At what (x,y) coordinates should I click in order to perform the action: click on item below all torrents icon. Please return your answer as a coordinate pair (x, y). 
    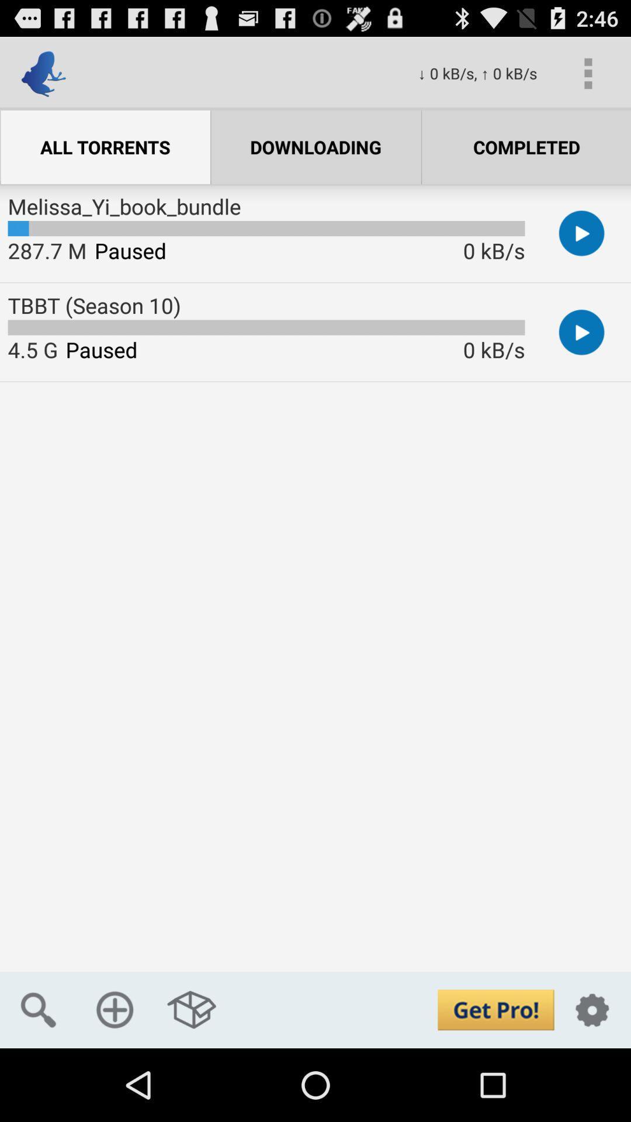
    Looking at the image, I should click on (124, 206).